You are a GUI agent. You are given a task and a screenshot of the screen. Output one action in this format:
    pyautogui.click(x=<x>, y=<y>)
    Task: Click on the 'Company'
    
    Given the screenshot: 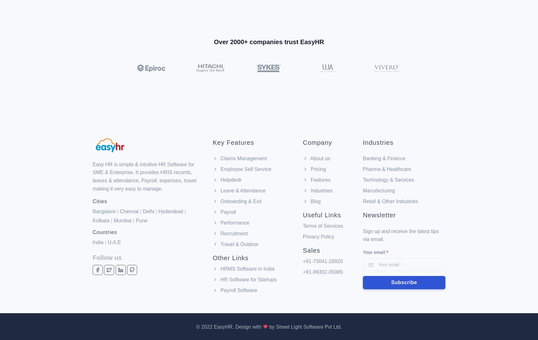 What is the action you would take?
    pyautogui.click(x=317, y=109)
    